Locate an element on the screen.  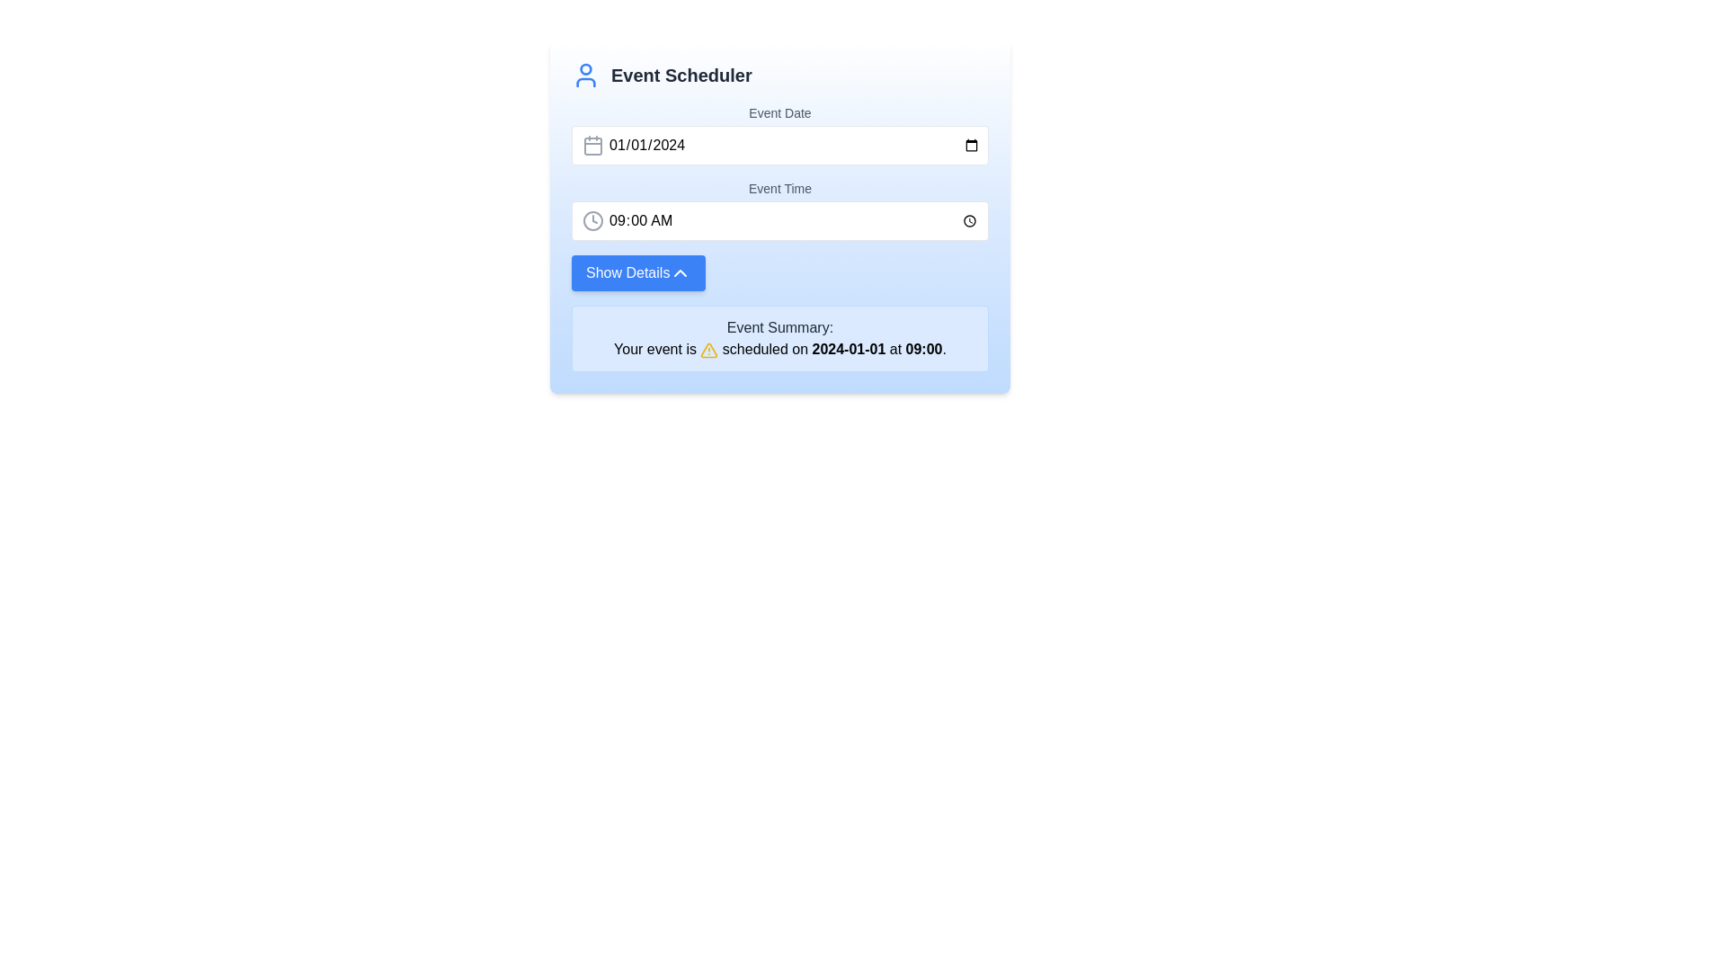
the decorative part of the clock icon located to the left of the 'Event Time' text field is located at coordinates (593, 220).